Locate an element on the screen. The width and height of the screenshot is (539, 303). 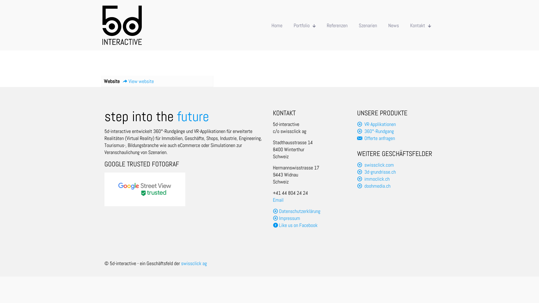
'swissclick ag' is located at coordinates (181, 263).